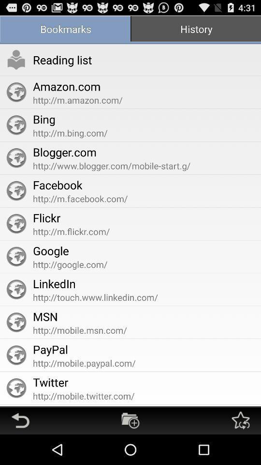  What do you see at coordinates (130, 420) in the screenshot?
I see `a folder` at bounding box center [130, 420].